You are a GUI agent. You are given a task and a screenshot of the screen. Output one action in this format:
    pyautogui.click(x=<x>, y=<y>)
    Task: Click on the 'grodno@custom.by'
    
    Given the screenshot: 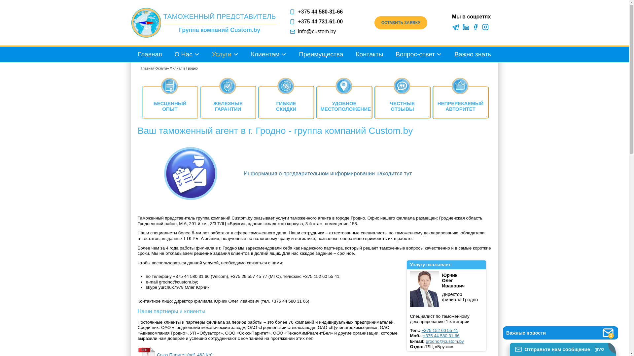 What is the action you would take?
    pyautogui.click(x=426, y=341)
    